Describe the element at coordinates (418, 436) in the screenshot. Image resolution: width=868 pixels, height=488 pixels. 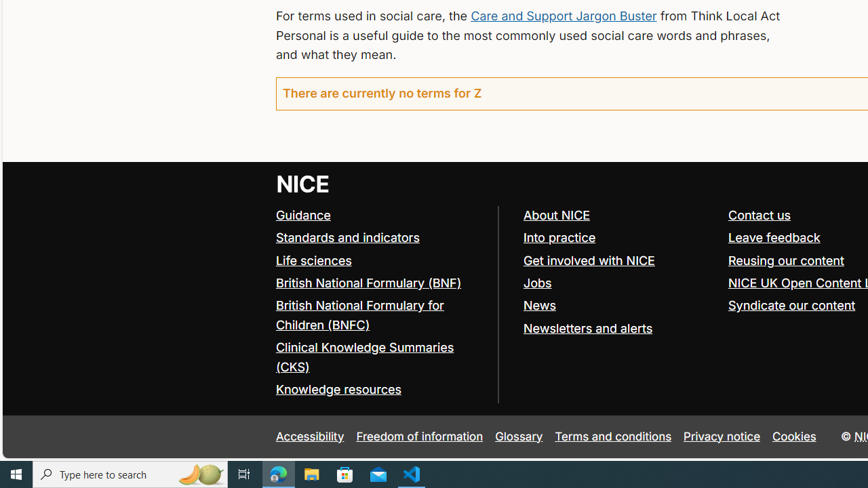
I see `'Freedom of information'` at that location.